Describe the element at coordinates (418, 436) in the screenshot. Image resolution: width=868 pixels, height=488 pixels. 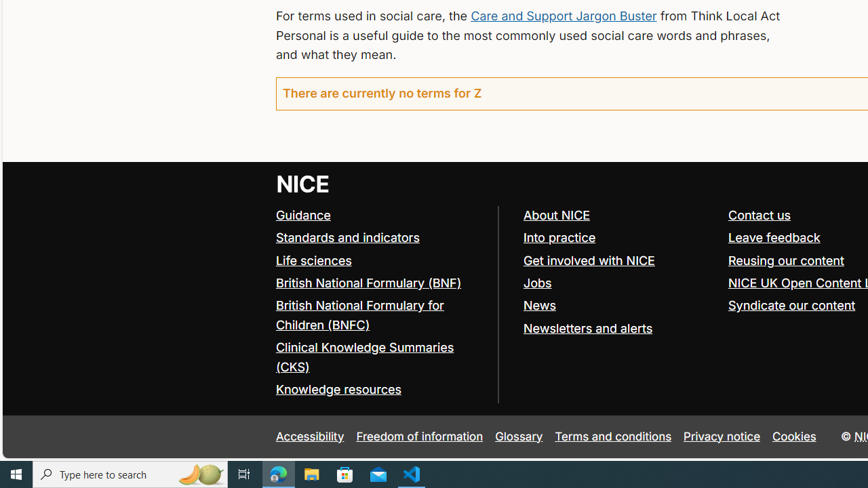
I see `'Freedom of information'` at that location.